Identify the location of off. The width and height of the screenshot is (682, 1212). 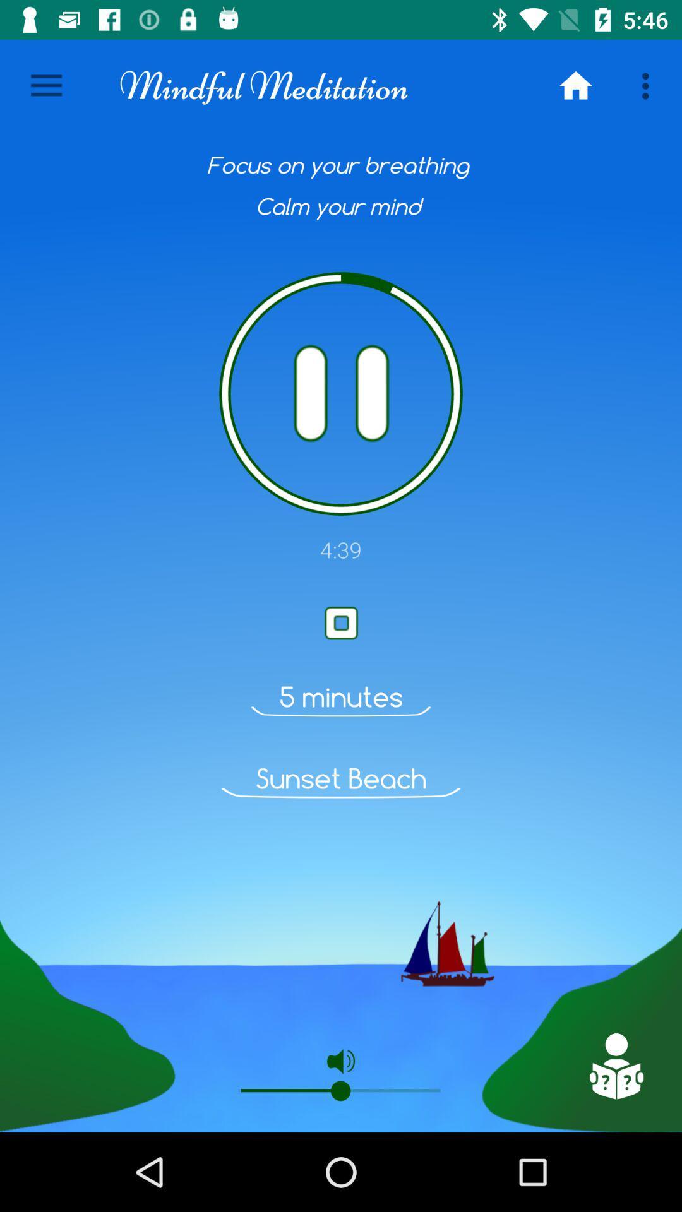
(341, 393).